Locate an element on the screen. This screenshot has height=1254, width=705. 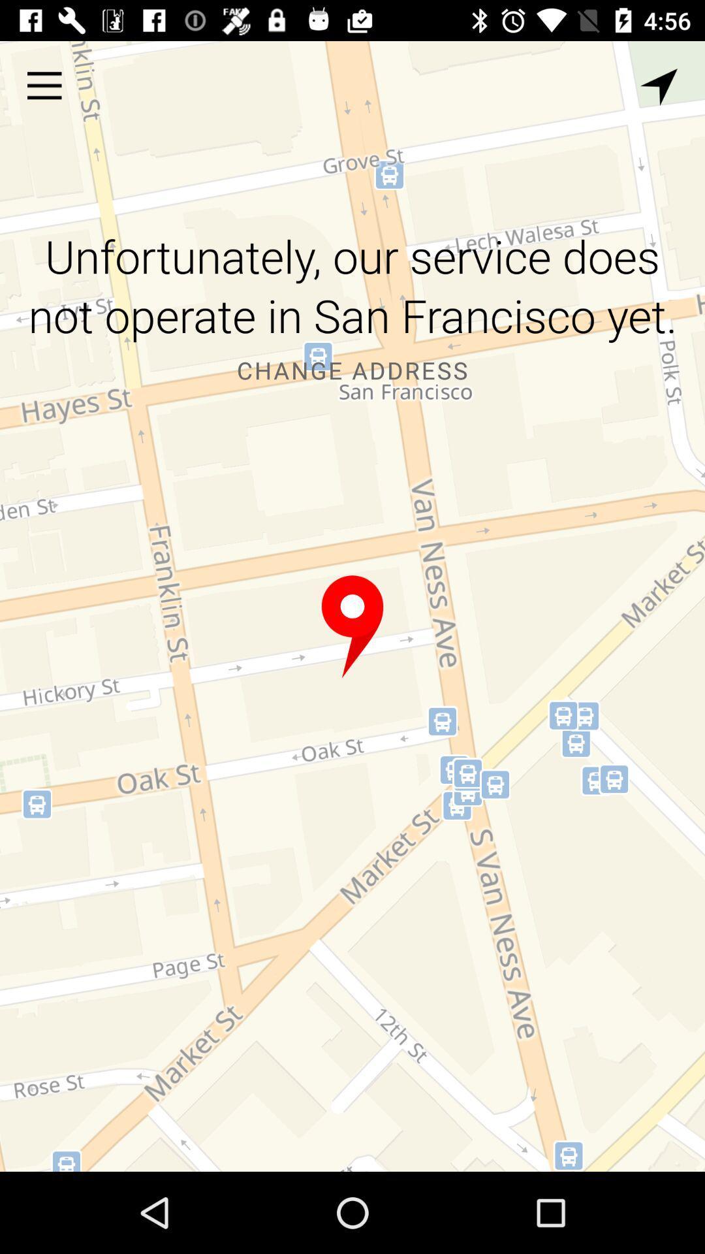
choose the location is located at coordinates (352, 627).